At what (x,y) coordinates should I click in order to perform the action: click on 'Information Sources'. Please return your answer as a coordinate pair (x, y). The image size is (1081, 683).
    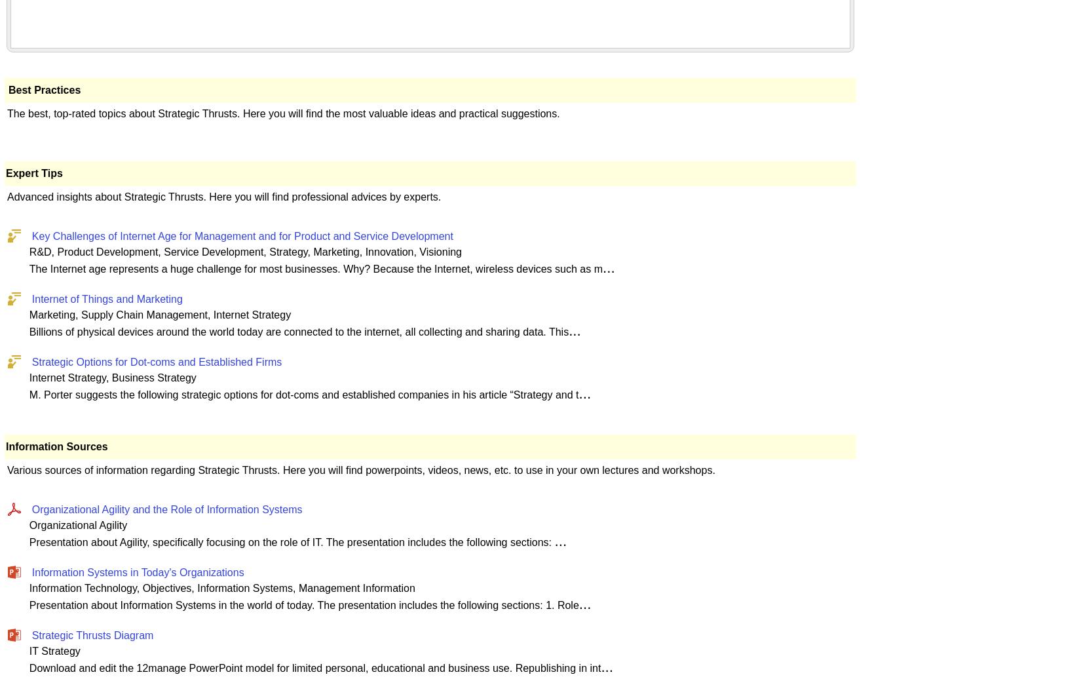
    Looking at the image, I should click on (6, 446).